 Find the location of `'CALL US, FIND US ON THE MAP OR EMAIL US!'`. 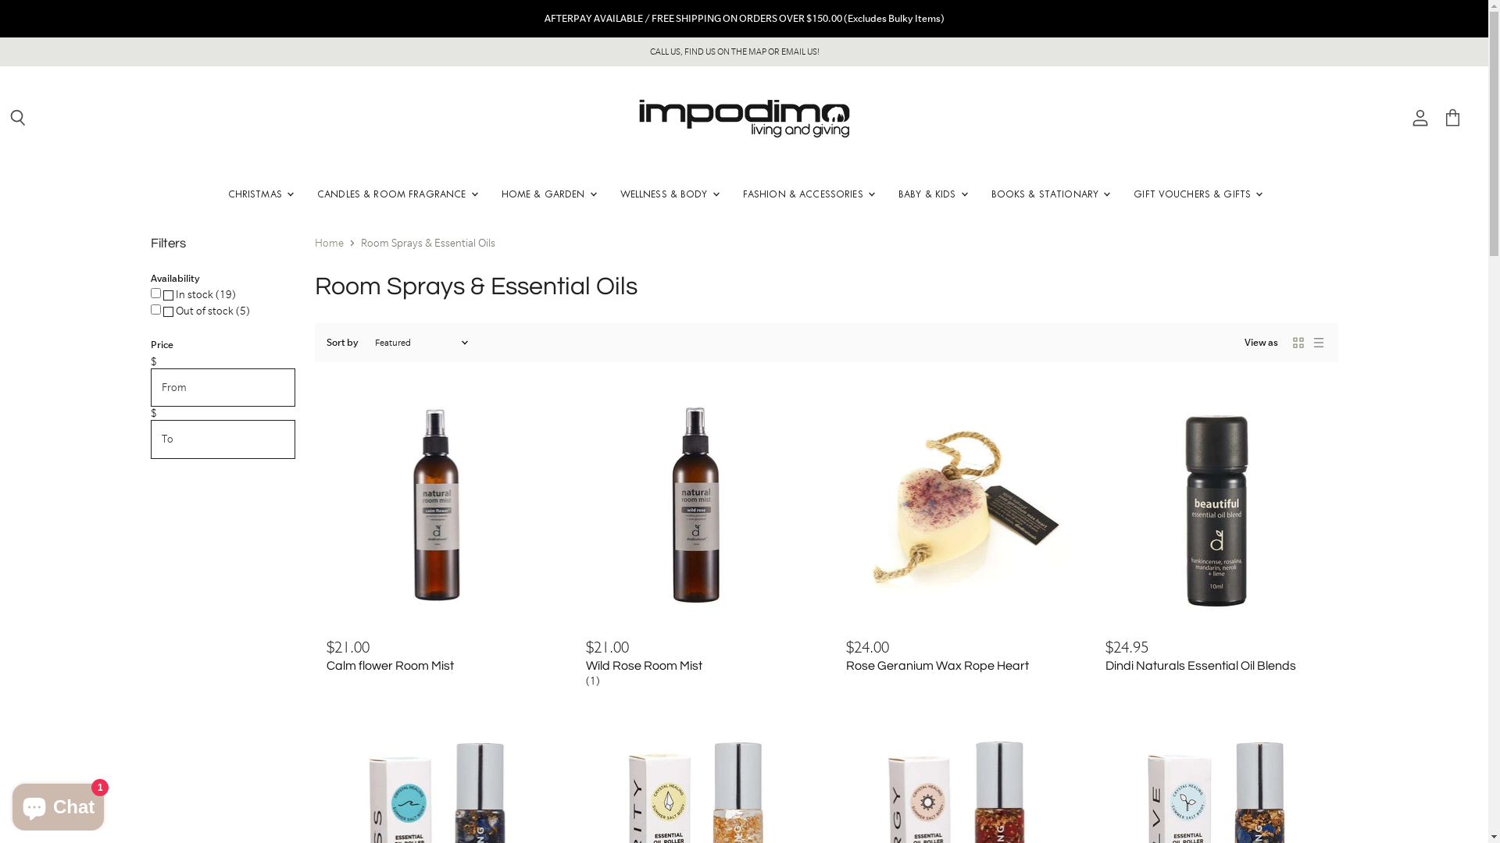

'CALL US, FIND US ON THE MAP OR EMAIL US!' is located at coordinates (734, 51).